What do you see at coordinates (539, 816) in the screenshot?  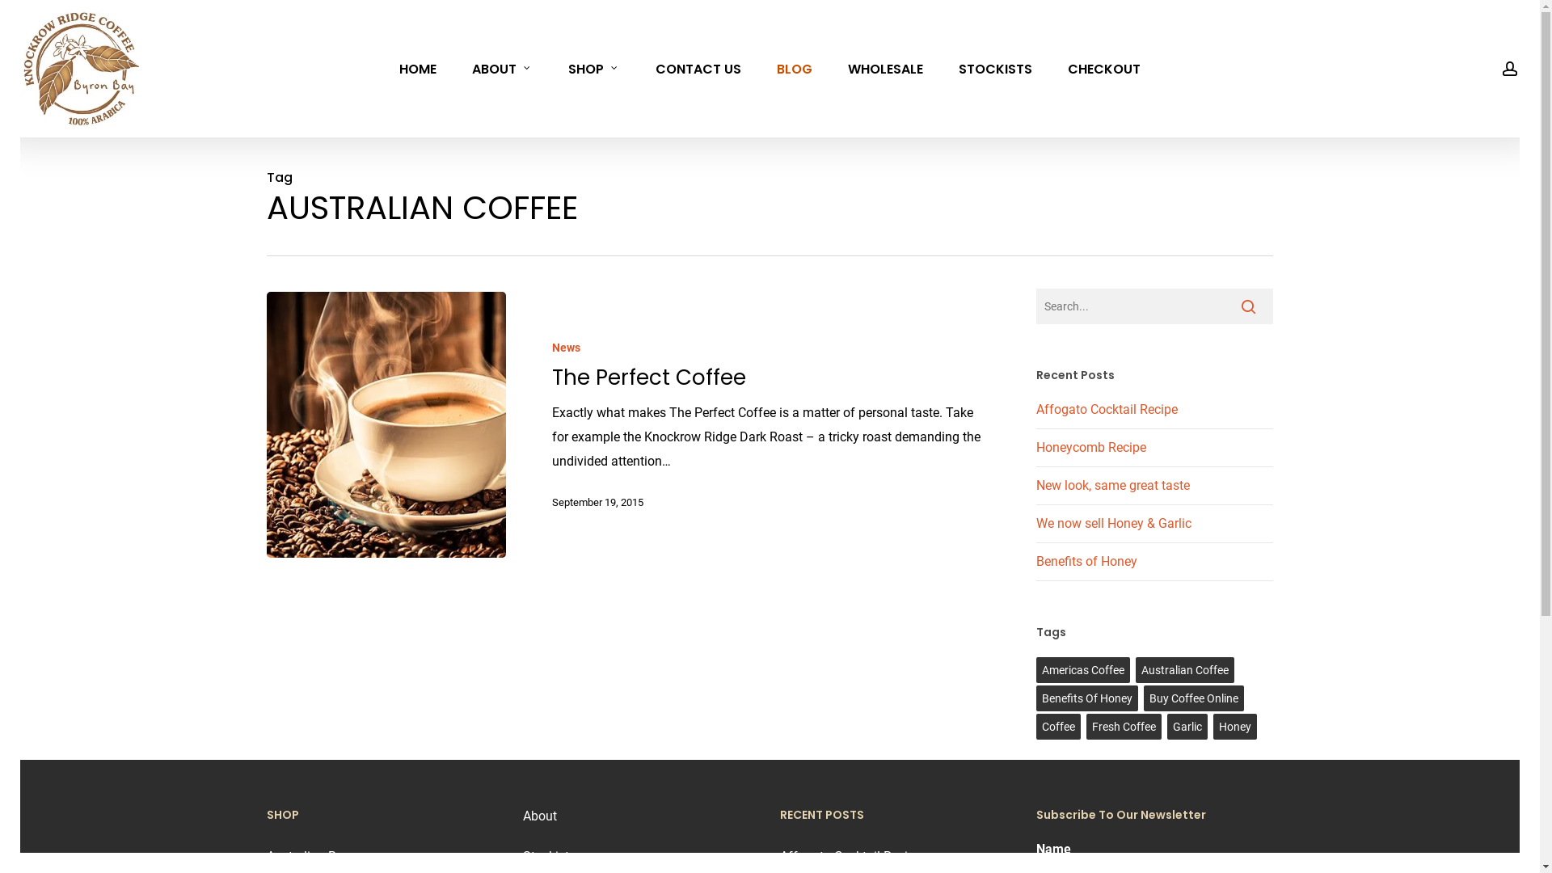 I see `'About'` at bounding box center [539, 816].